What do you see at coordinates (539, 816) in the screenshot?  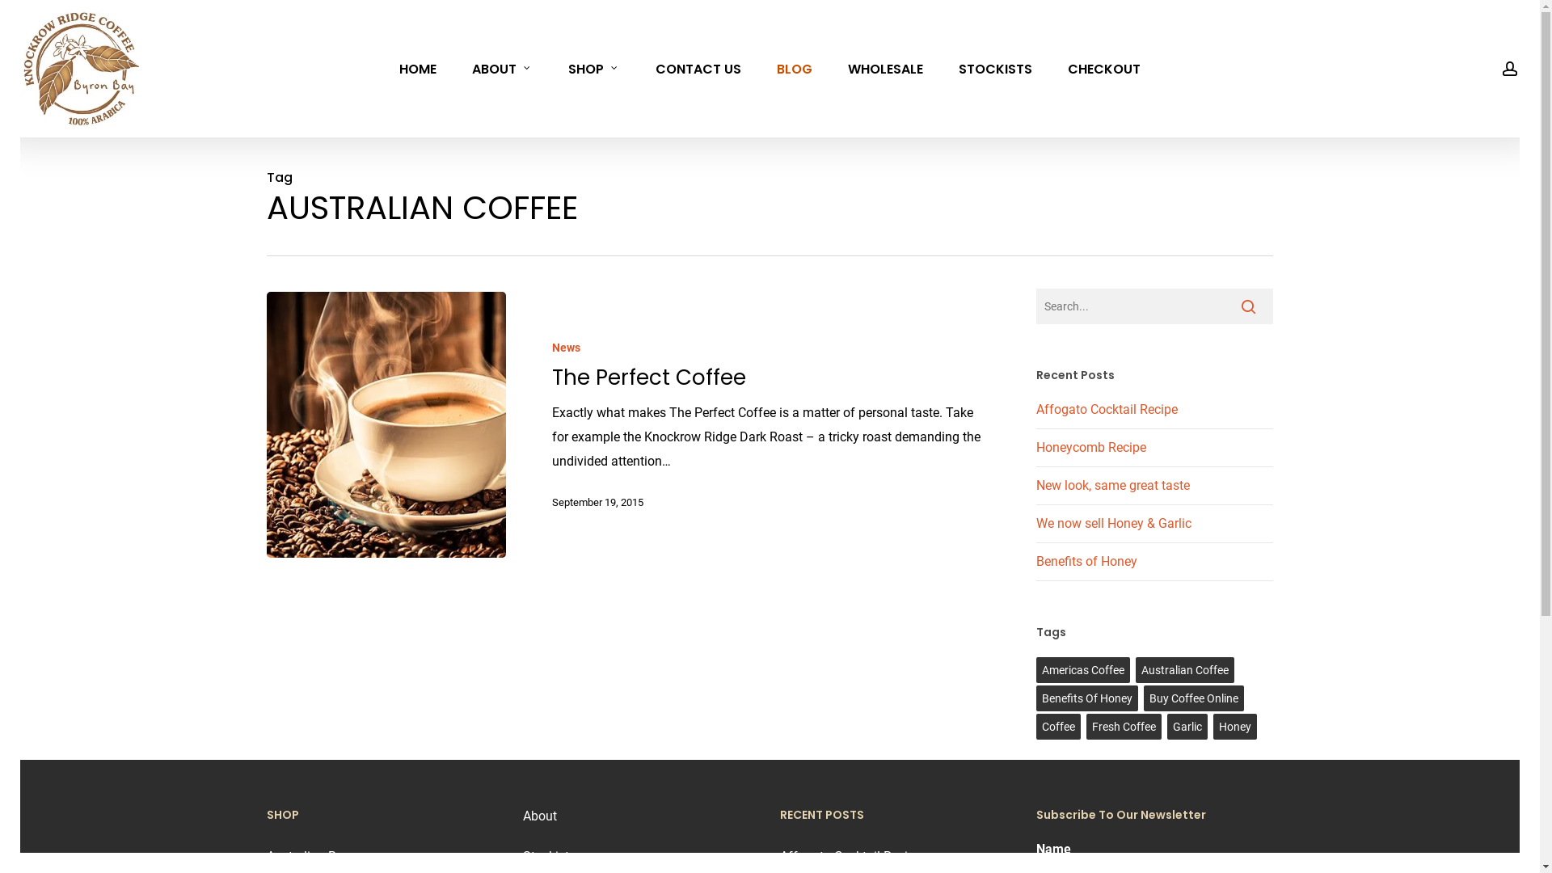 I see `'About'` at bounding box center [539, 816].